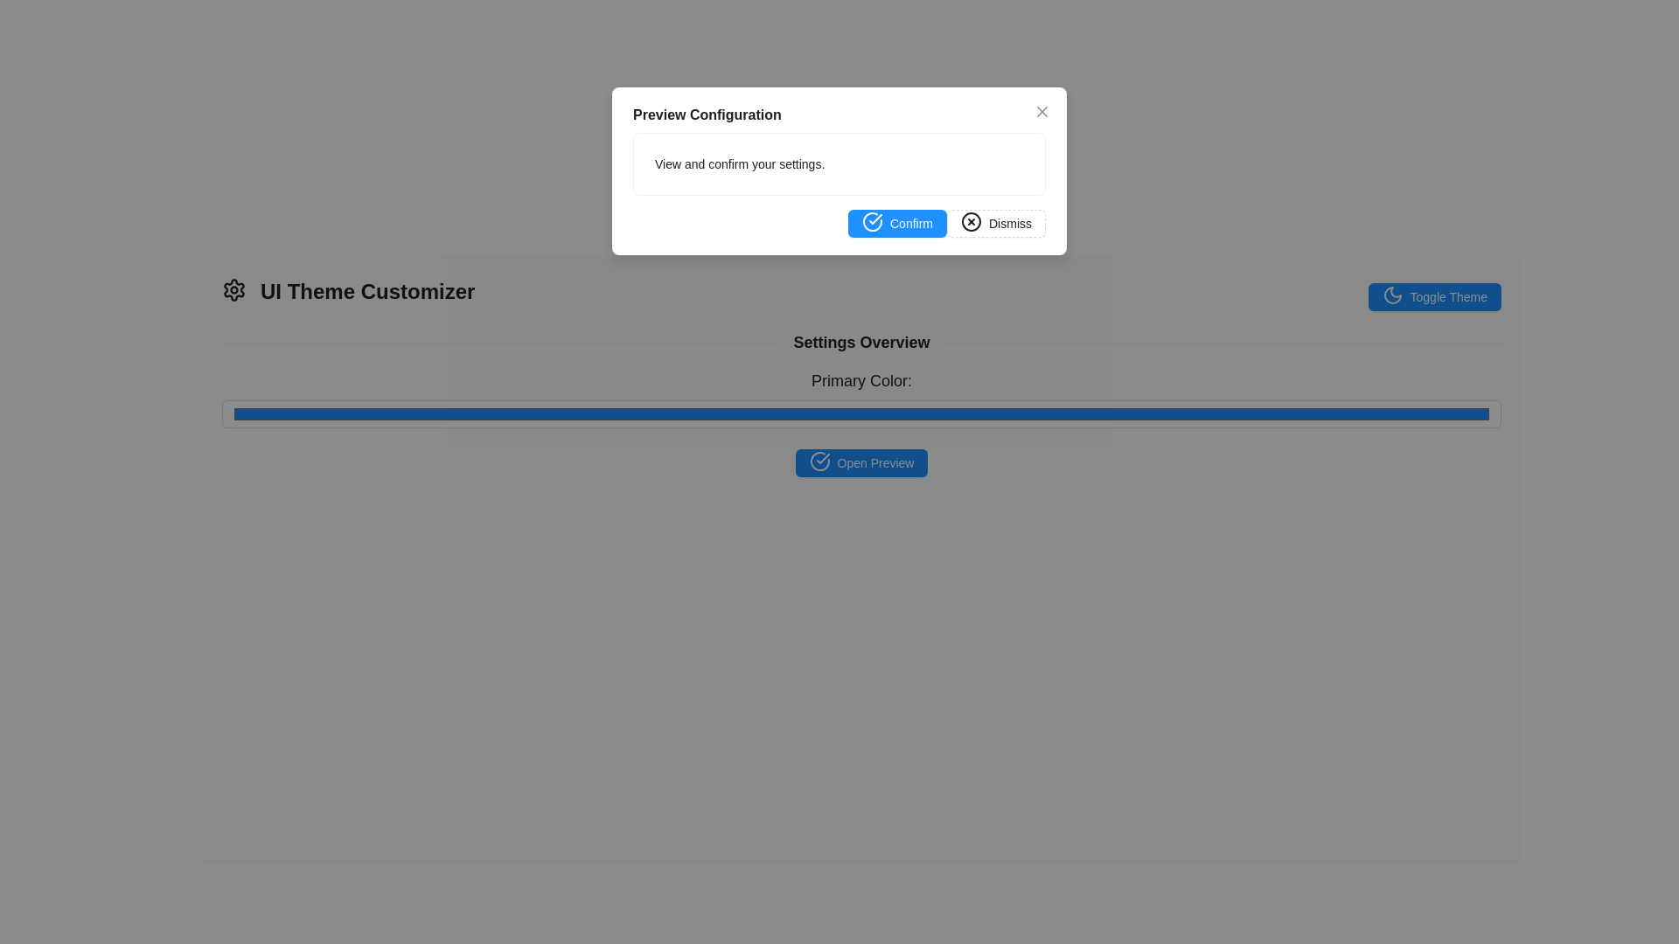  Describe the element at coordinates (233, 288) in the screenshot. I see `the gear-shaped icon representing settings functionality, located to the left of the 'UI Theme Customizer' text` at that location.